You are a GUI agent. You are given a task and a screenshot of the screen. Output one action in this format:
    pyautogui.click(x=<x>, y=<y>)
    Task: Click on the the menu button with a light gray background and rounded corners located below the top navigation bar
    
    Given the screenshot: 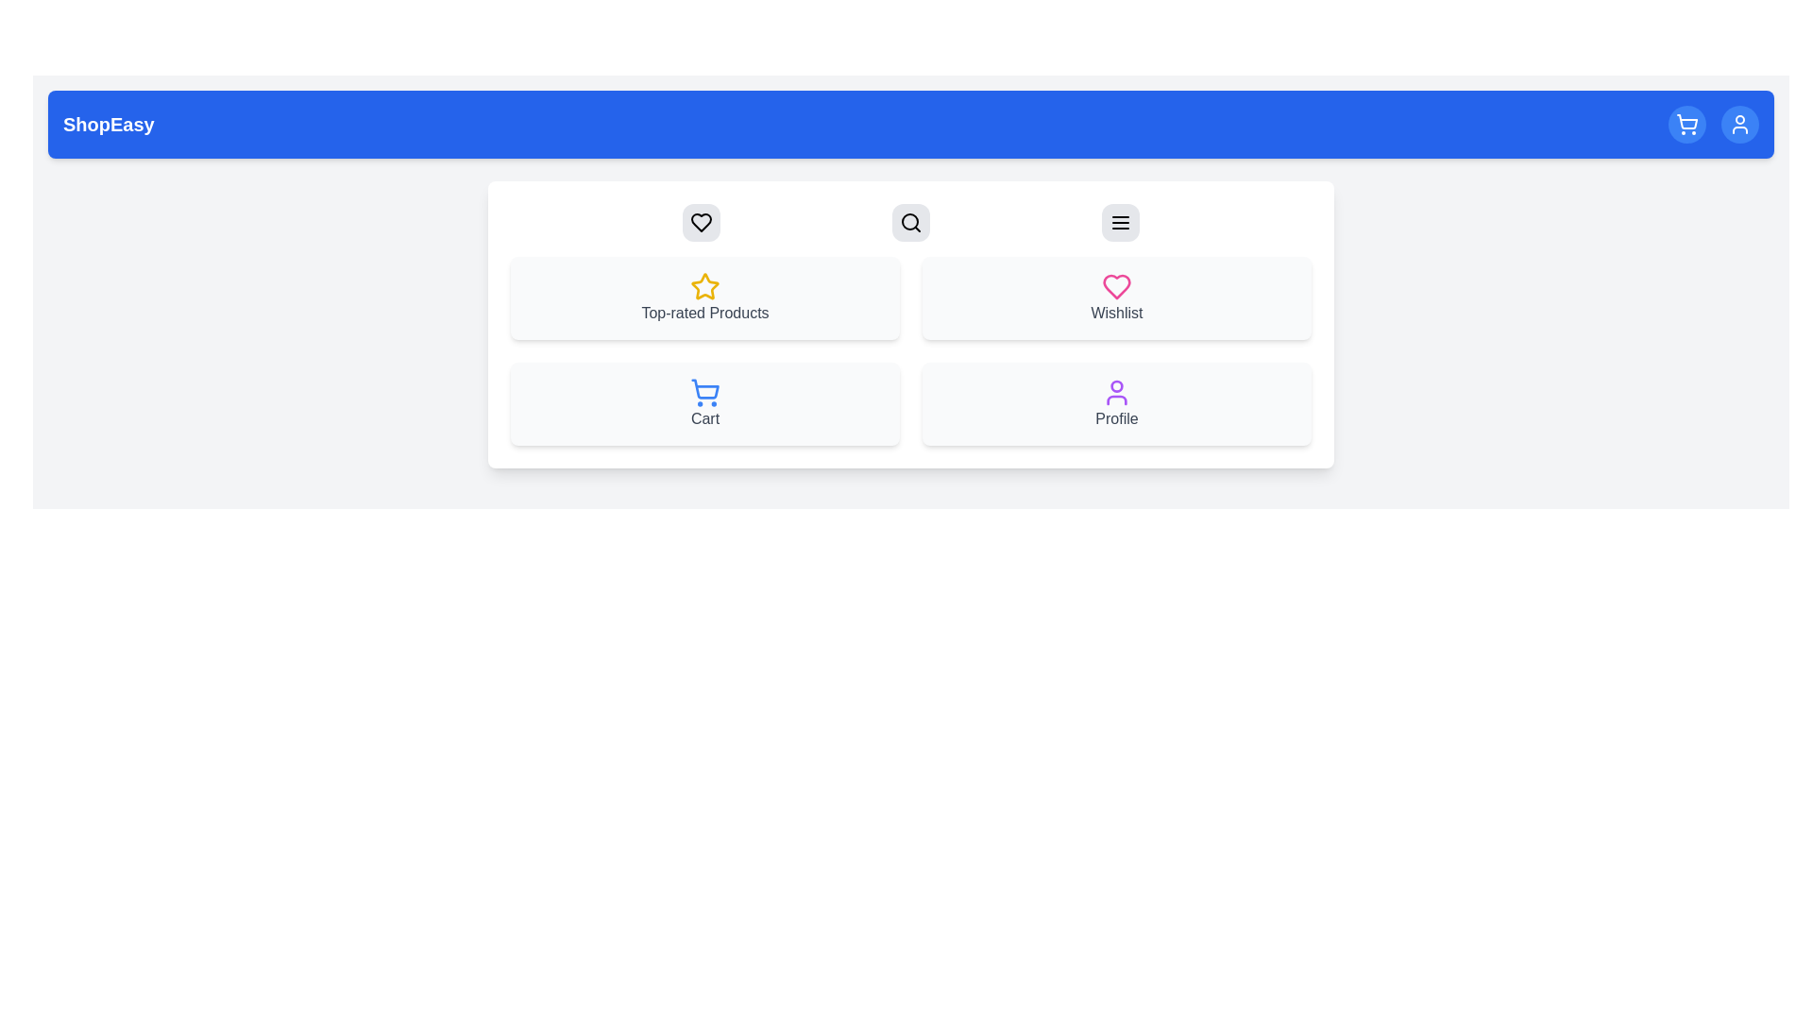 What is the action you would take?
    pyautogui.click(x=1120, y=221)
    